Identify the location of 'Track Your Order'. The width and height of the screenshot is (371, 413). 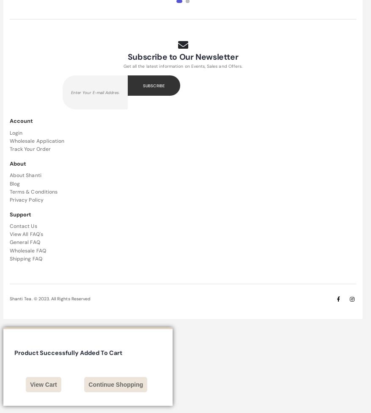
(30, 148).